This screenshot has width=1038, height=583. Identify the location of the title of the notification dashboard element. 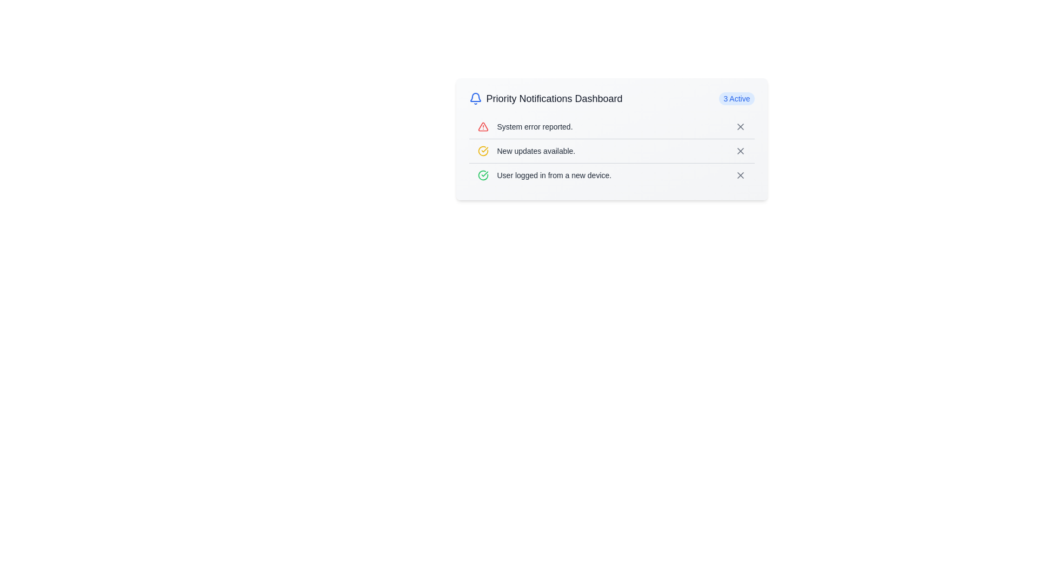
(611, 98).